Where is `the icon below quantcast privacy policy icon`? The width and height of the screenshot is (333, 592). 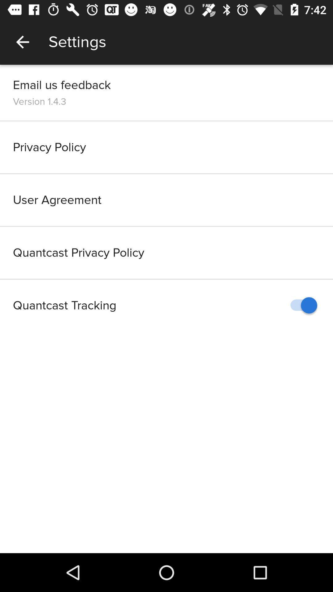 the icon below quantcast privacy policy icon is located at coordinates (300, 305).